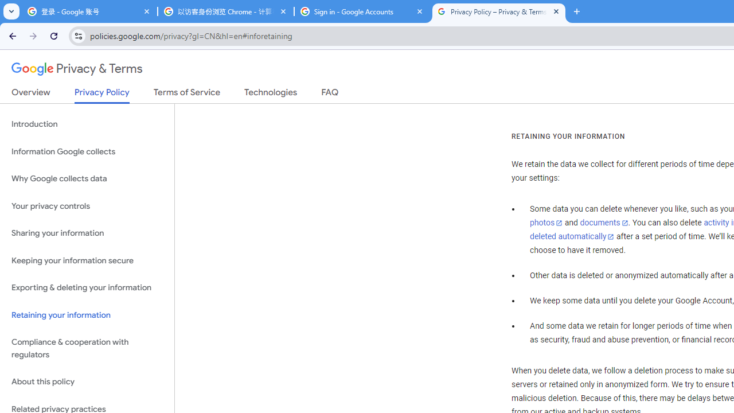 The image size is (734, 413). Describe the element at coordinates (101, 95) in the screenshot. I see `'Privacy Policy'` at that location.